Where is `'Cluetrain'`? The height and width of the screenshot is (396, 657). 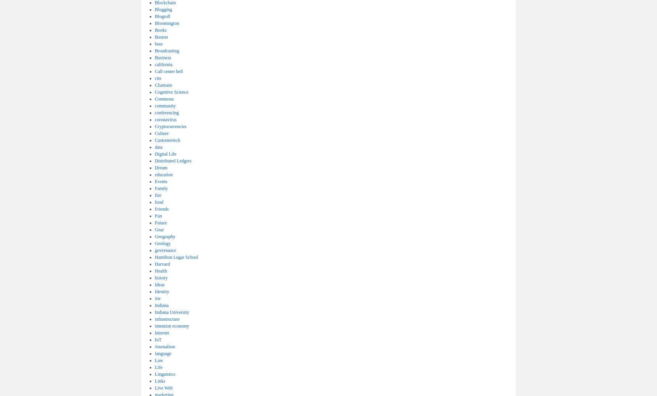 'Cluetrain' is located at coordinates (163, 85).